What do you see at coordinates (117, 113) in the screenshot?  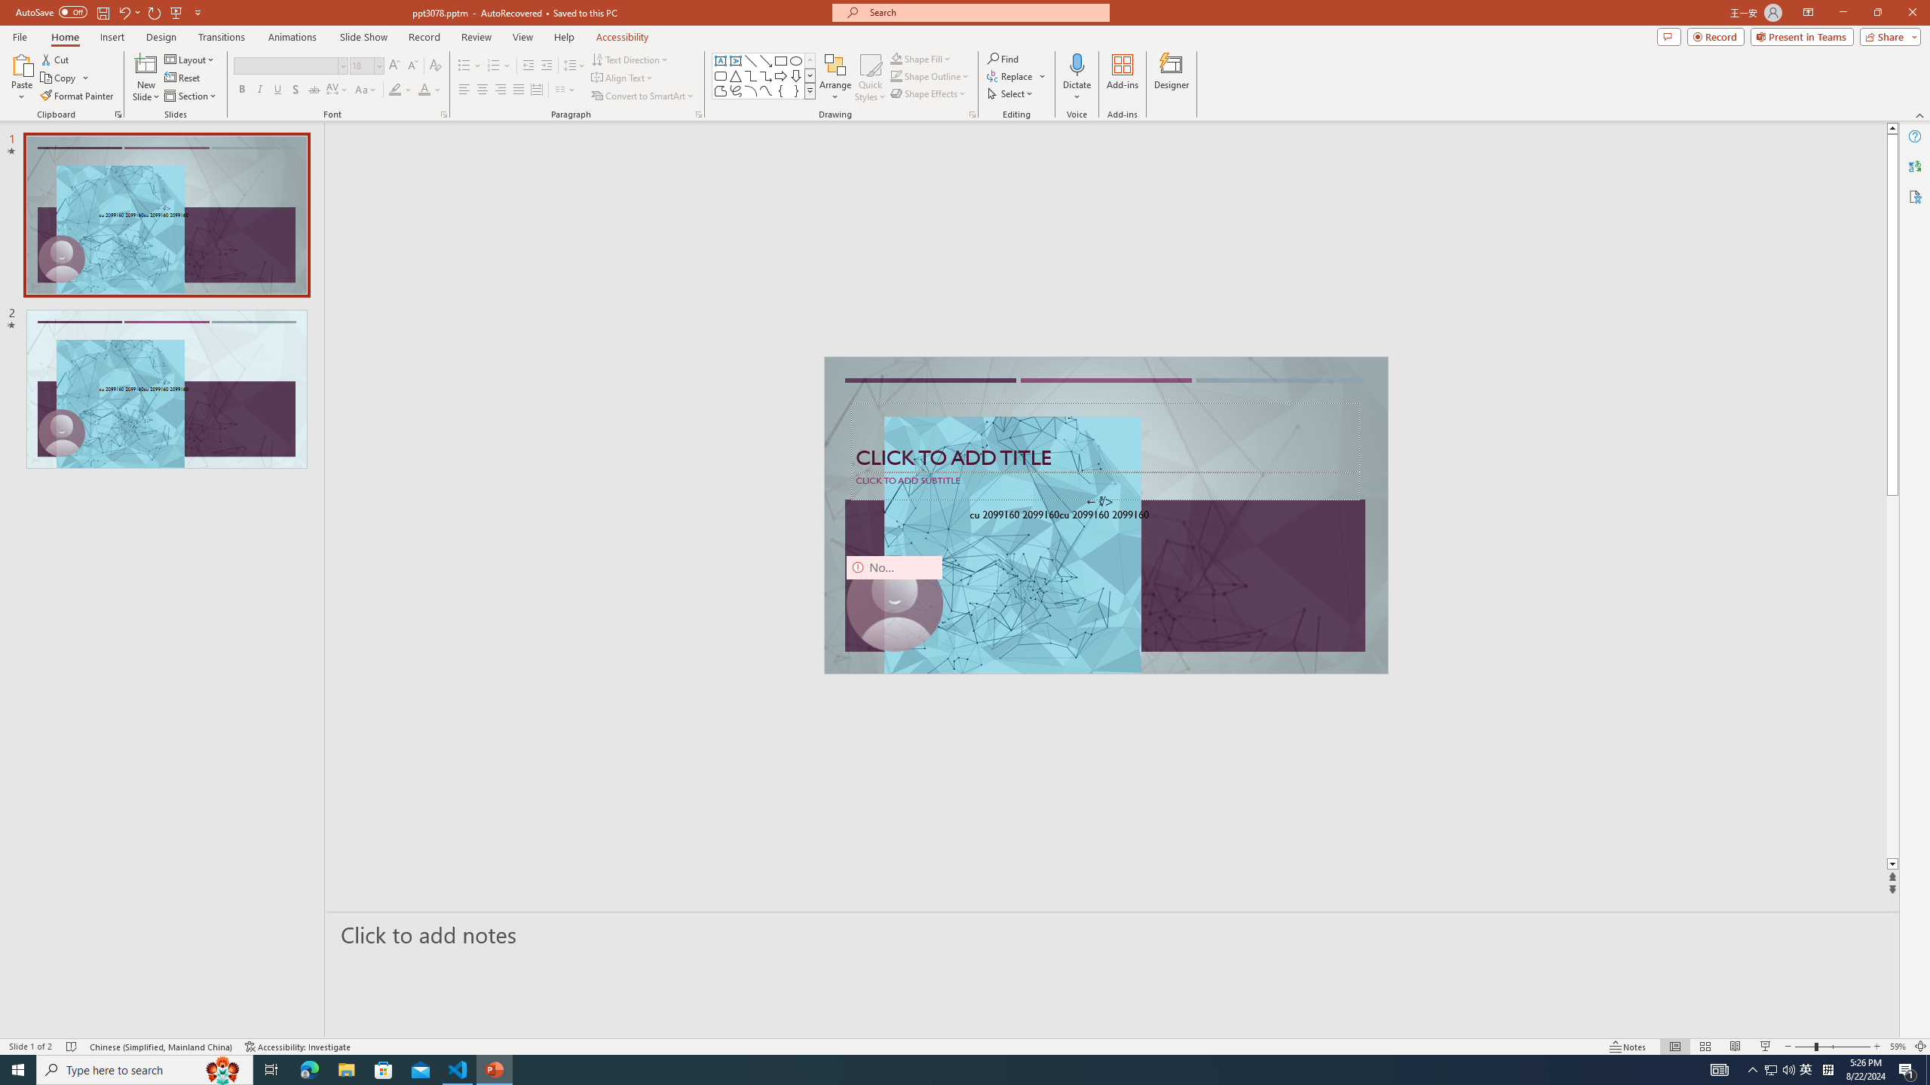 I see `'Office Clipboard...'` at bounding box center [117, 113].